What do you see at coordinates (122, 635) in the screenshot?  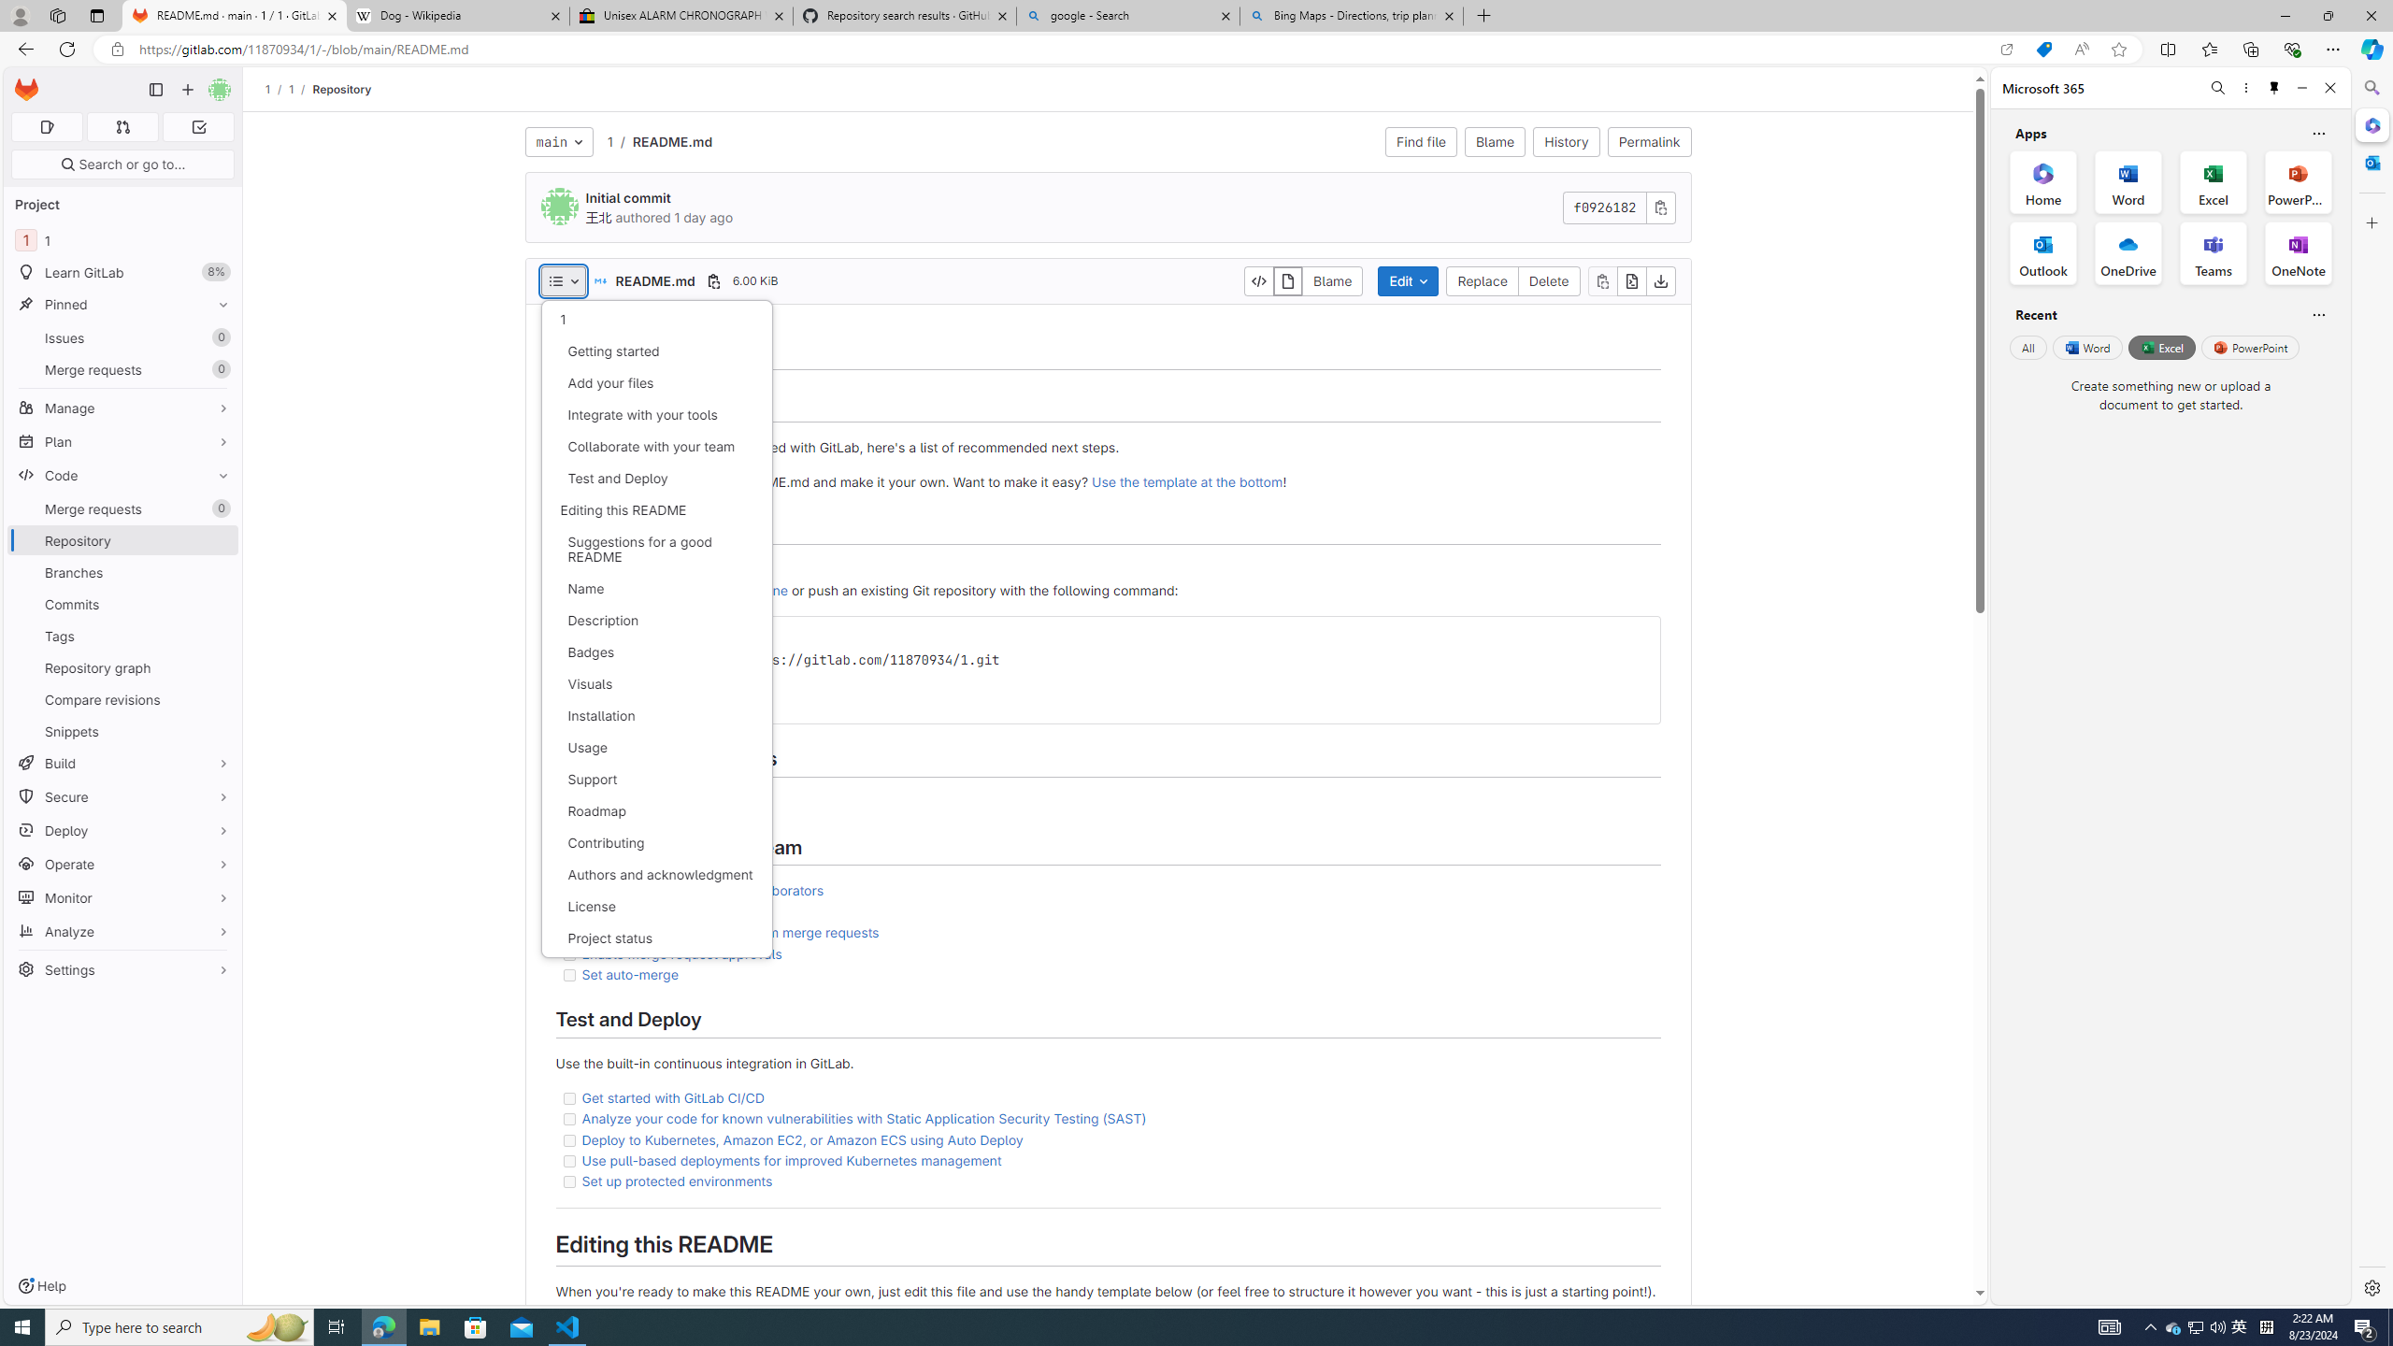 I see `'Tags'` at bounding box center [122, 635].